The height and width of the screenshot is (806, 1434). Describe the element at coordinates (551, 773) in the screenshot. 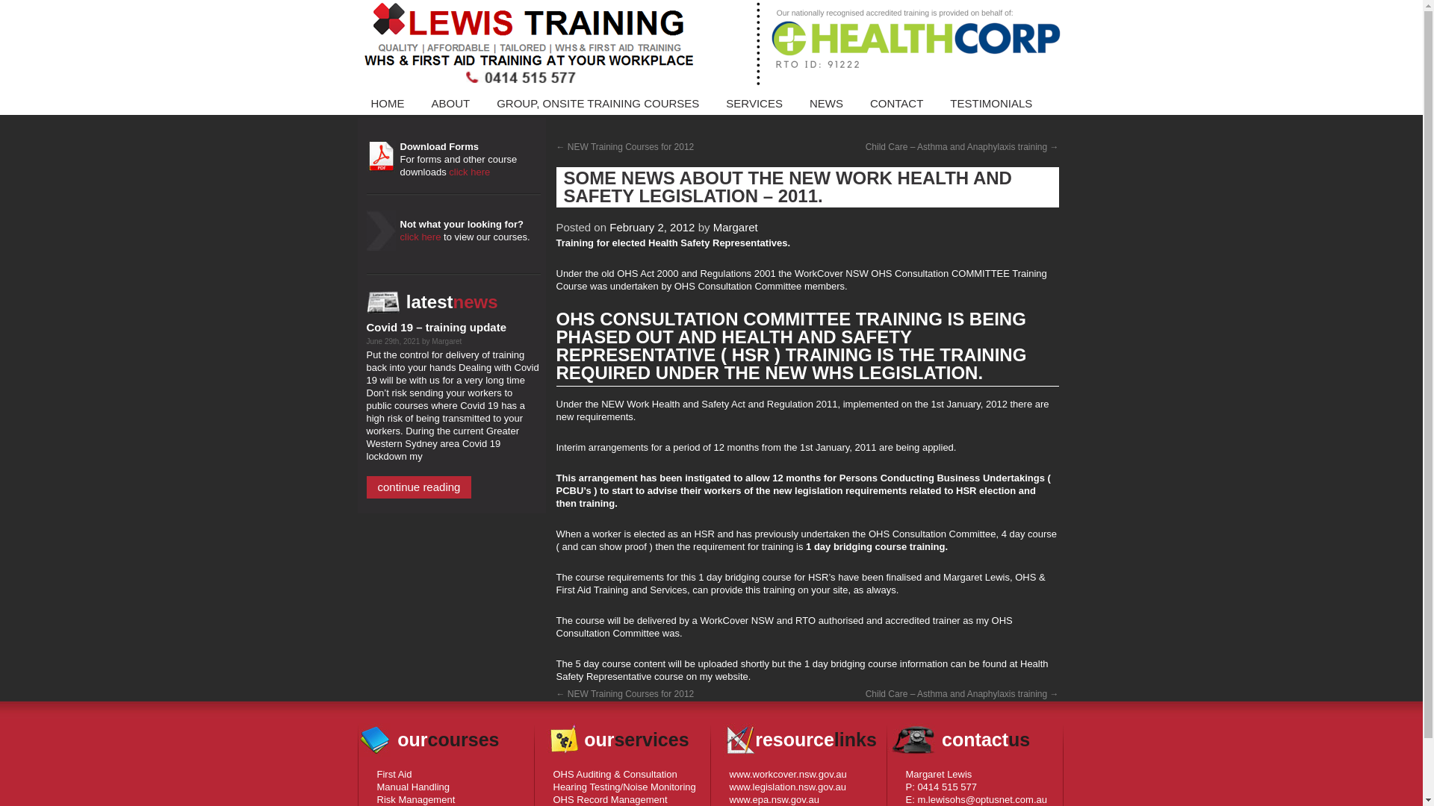

I see `'OHS Auditing & Consultation'` at that location.